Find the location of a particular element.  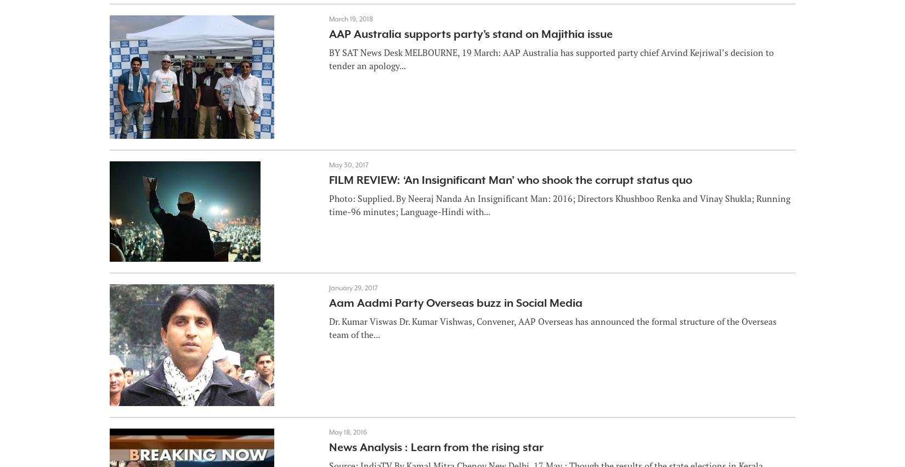

'May 30, 2017' is located at coordinates (327, 165).